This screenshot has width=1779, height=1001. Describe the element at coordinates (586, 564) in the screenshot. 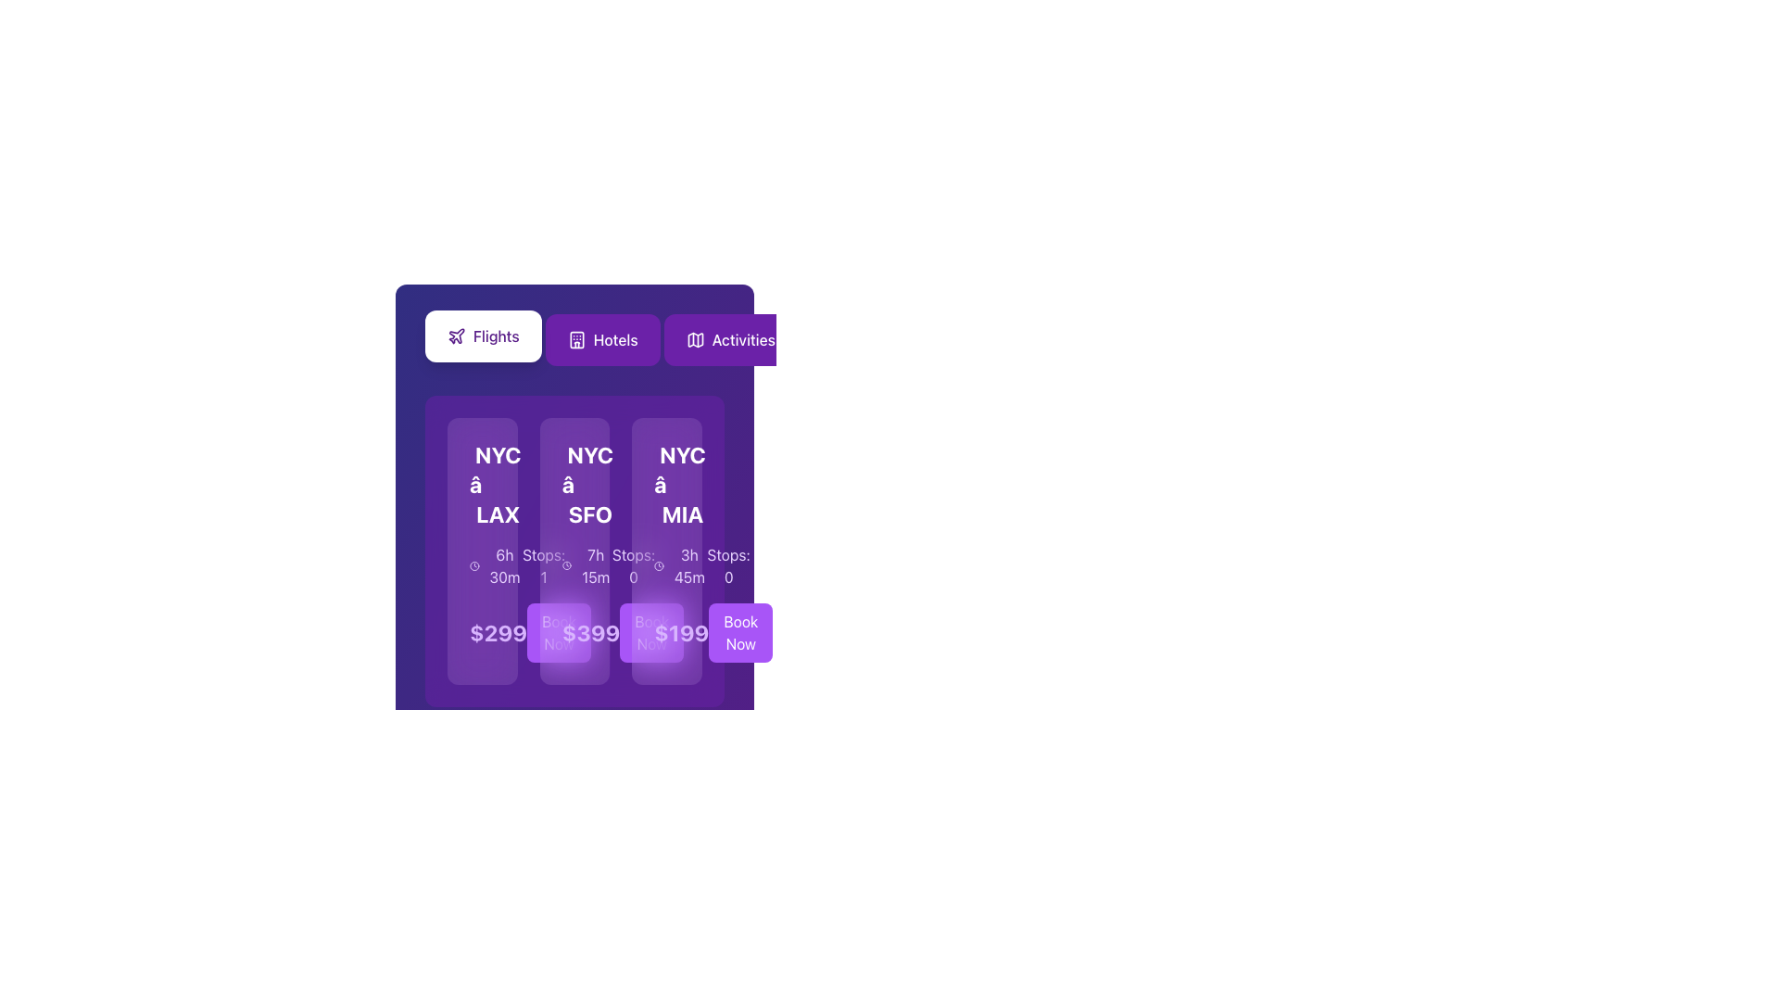

I see `time duration text '7h 15m' displayed with a purple background and accompanied by a clock icon, located under the 'NYC à SFO' column, next to the 'Stops' label and above the 'Book Now' button` at that location.